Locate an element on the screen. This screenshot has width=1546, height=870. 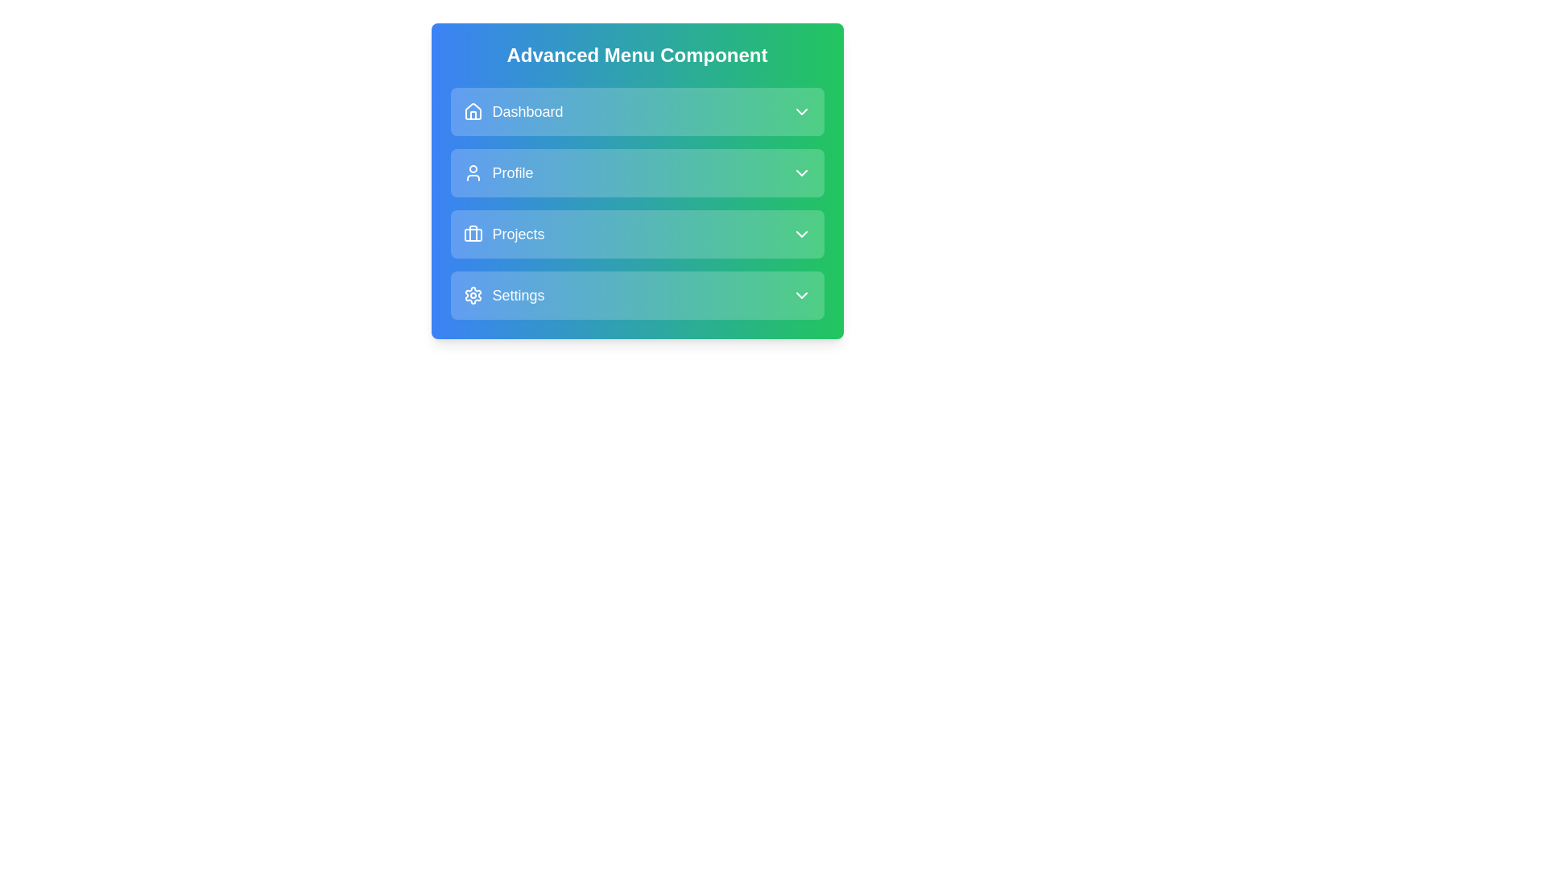
the fourth item in the vertical 'Advanced Menu Component' is located at coordinates (503, 295).